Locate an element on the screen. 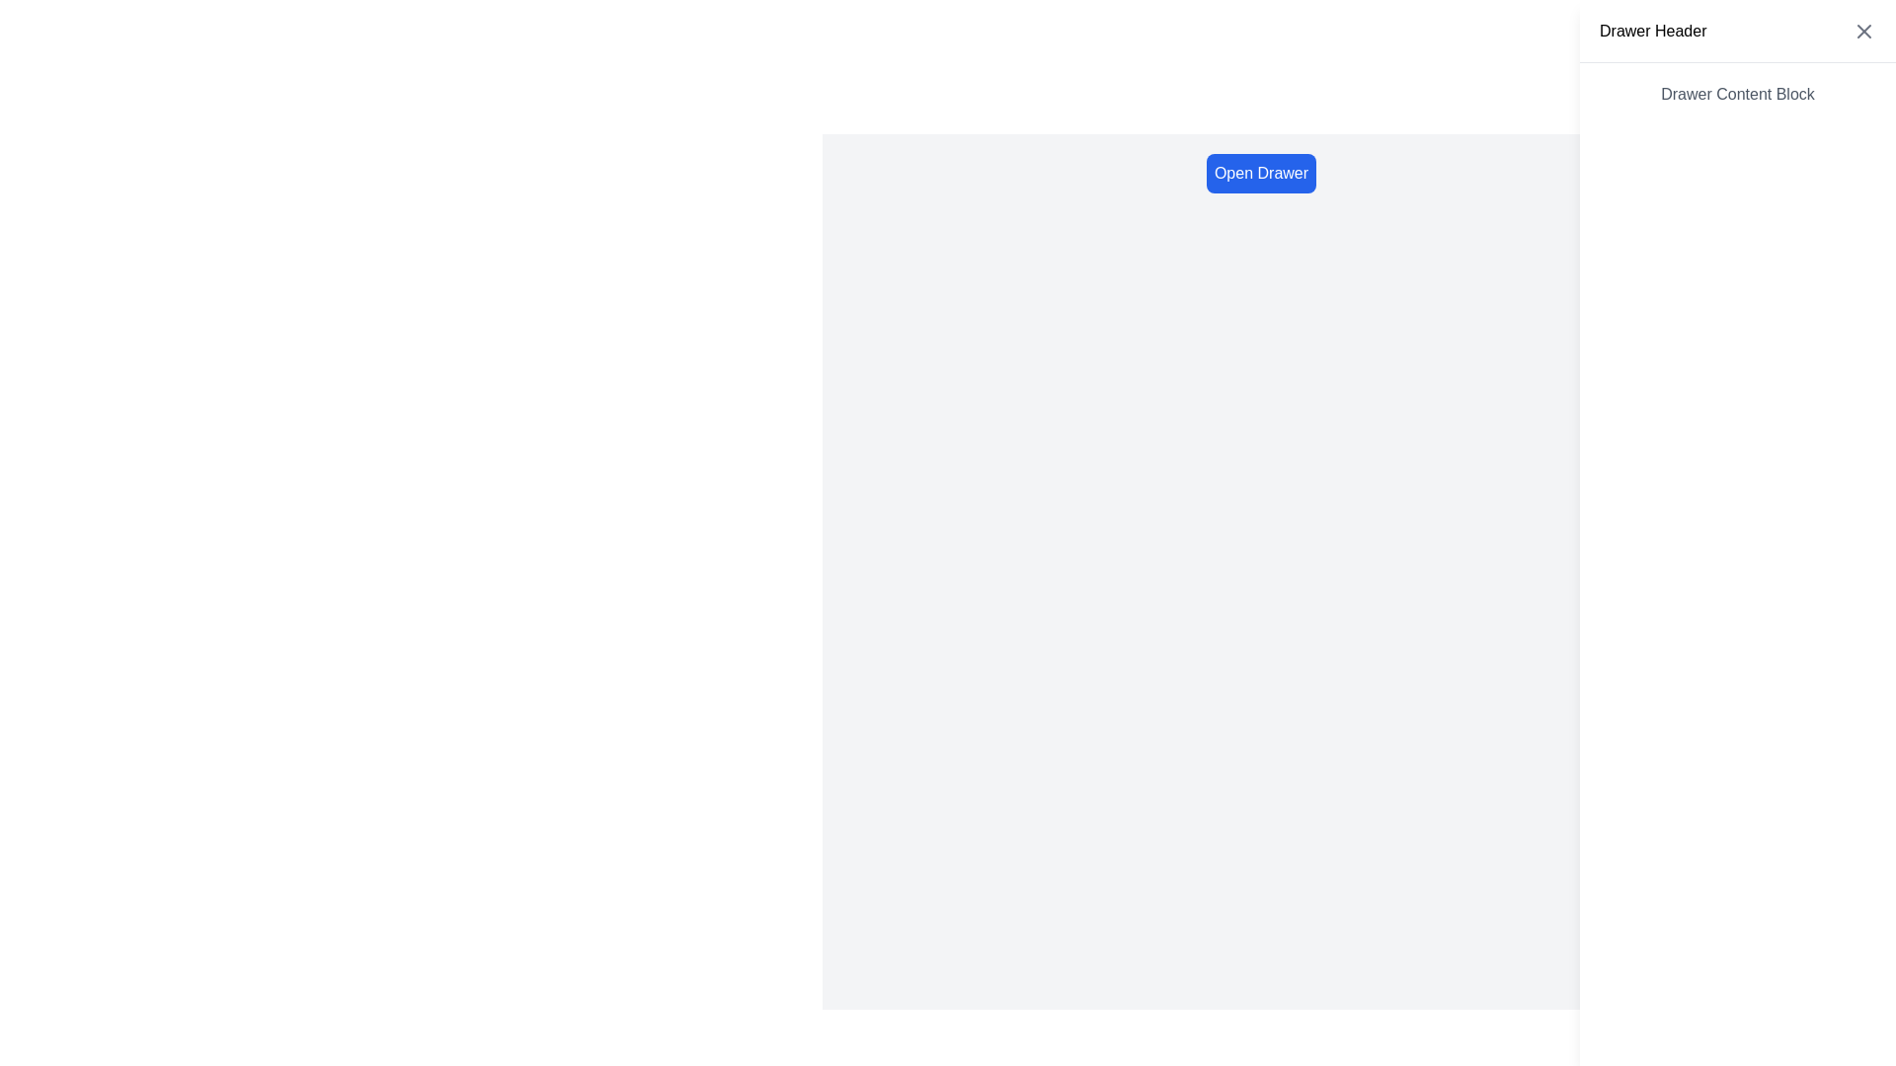 The height and width of the screenshot is (1066, 1896). the text label that serves as the title for the drawer component, located at the top left of the drawer interface, adjacent to the close icon is located at coordinates (1653, 31).